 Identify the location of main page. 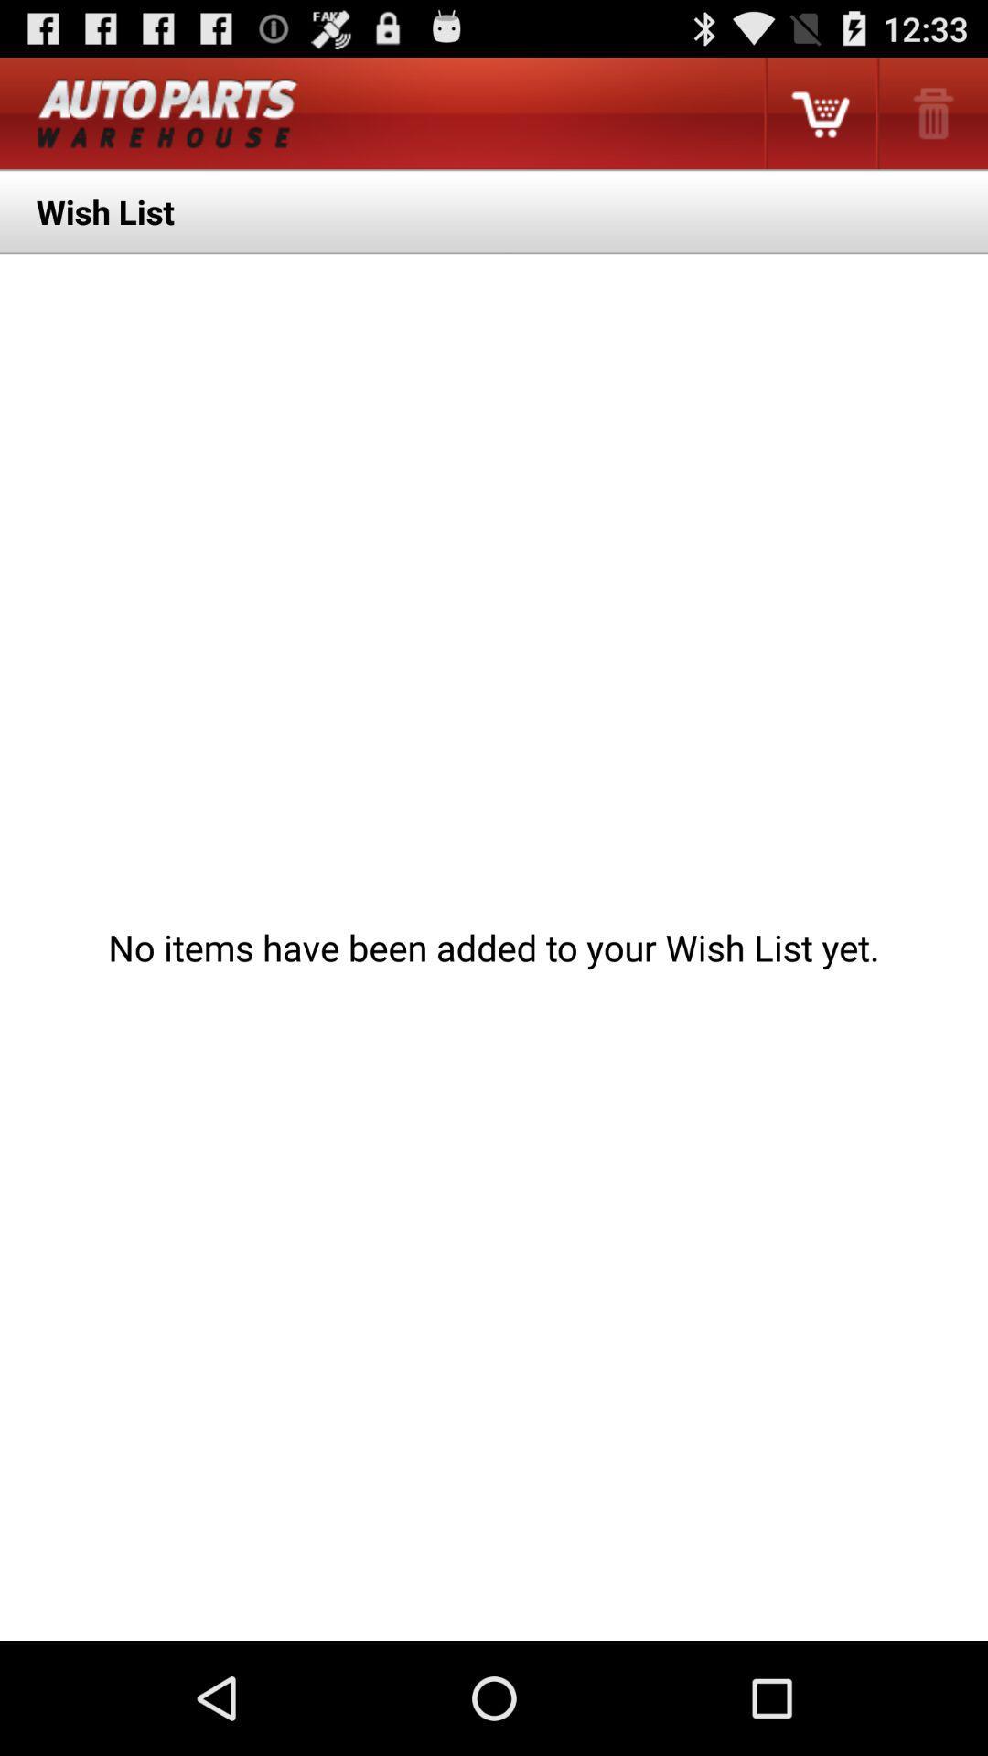
(167, 112).